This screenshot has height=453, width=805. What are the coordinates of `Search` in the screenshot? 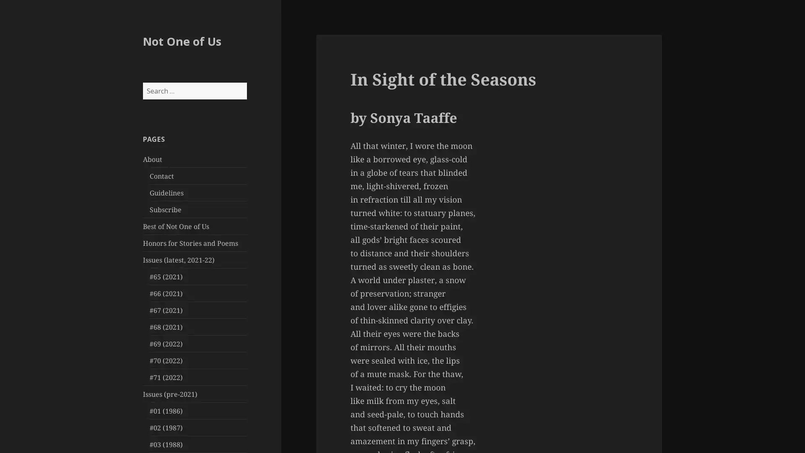 It's located at (246, 82).